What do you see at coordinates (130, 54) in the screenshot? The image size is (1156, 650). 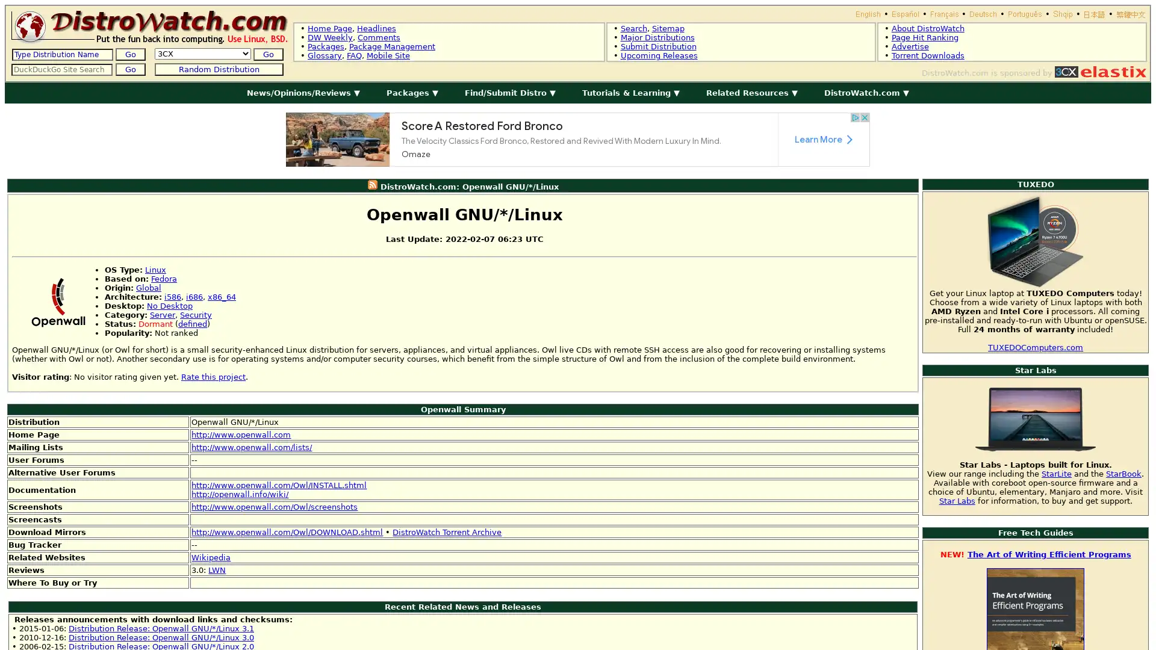 I see `Go` at bounding box center [130, 54].